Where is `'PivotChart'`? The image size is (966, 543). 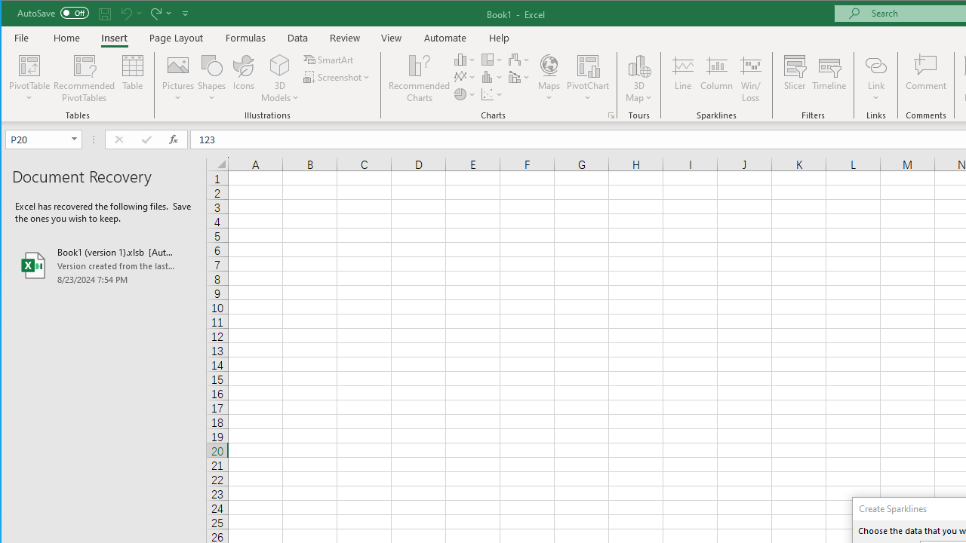
'PivotChart' is located at coordinates (587, 64).